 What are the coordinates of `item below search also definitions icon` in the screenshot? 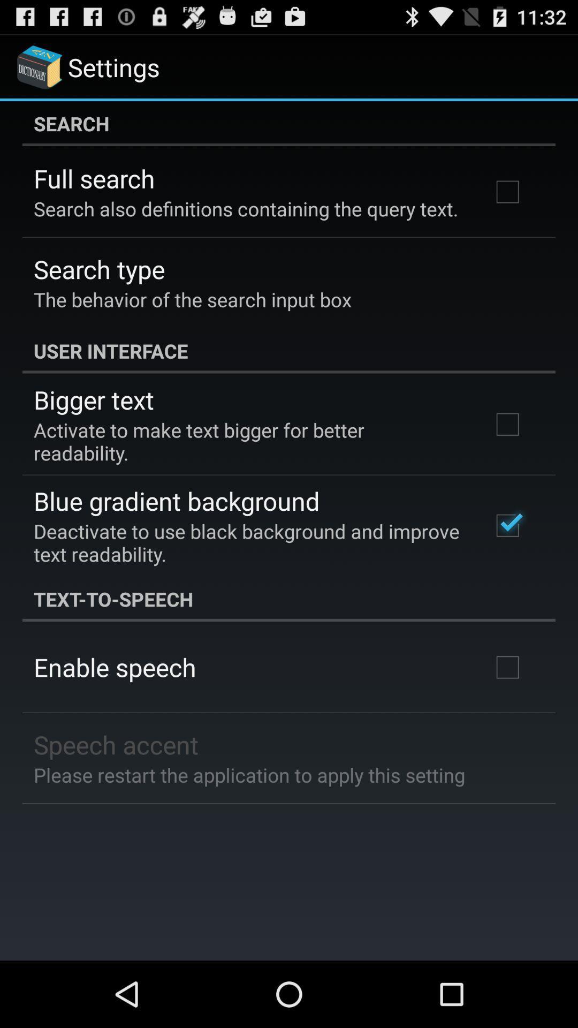 It's located at (99, 269).